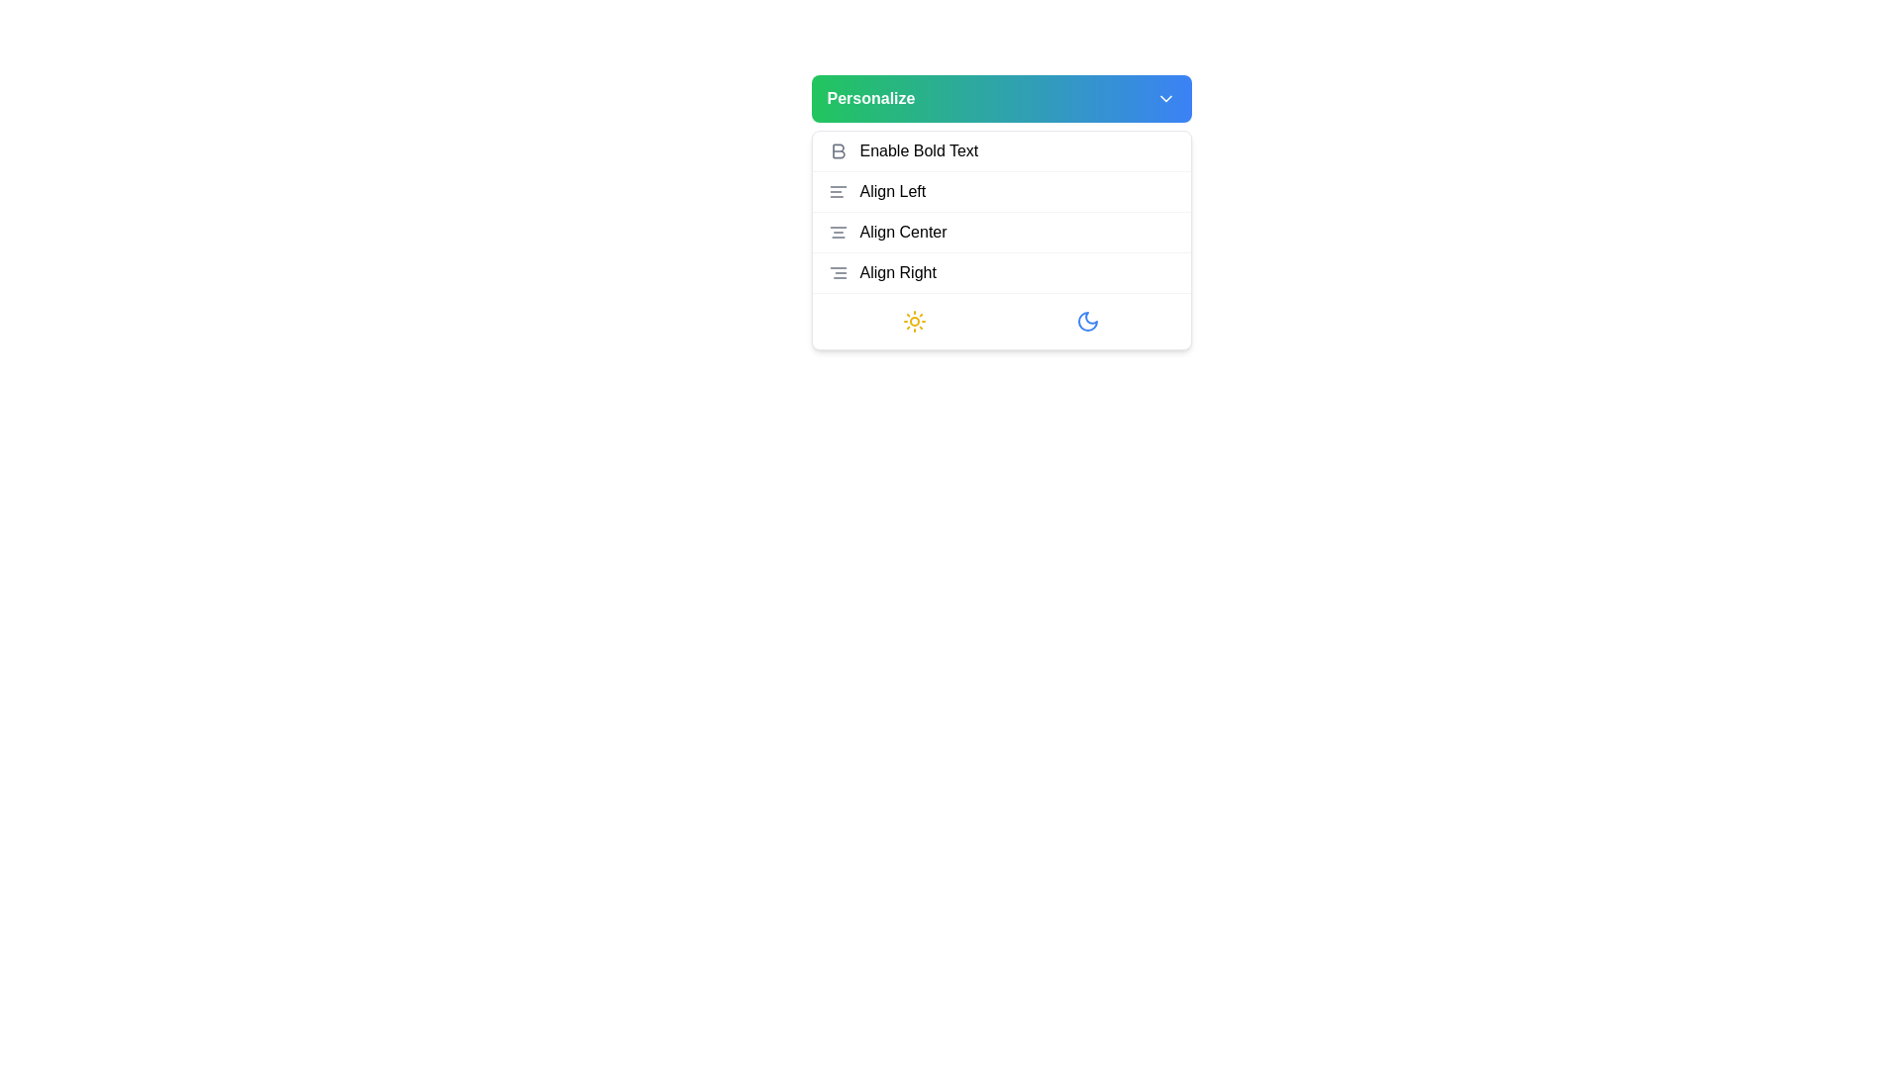 The height and width of the screenshot is (1069, 1901). Describe the element at coordinates (838, 232) in the screenshot. I see `the 'Align Center' icon located in the third row of the dropdown menu under the 'Personalize' section, positioned to the left of the text 'Align Center'` at that location.